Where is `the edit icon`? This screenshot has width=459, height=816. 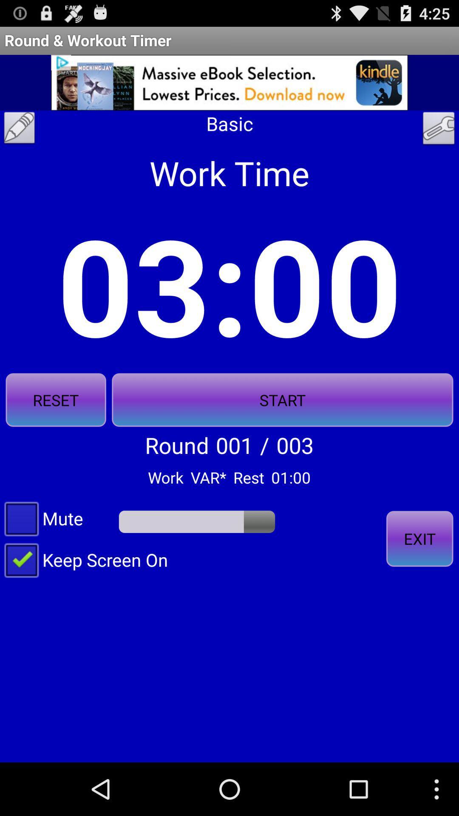 the edit icon is located at coordinates (19, 139).